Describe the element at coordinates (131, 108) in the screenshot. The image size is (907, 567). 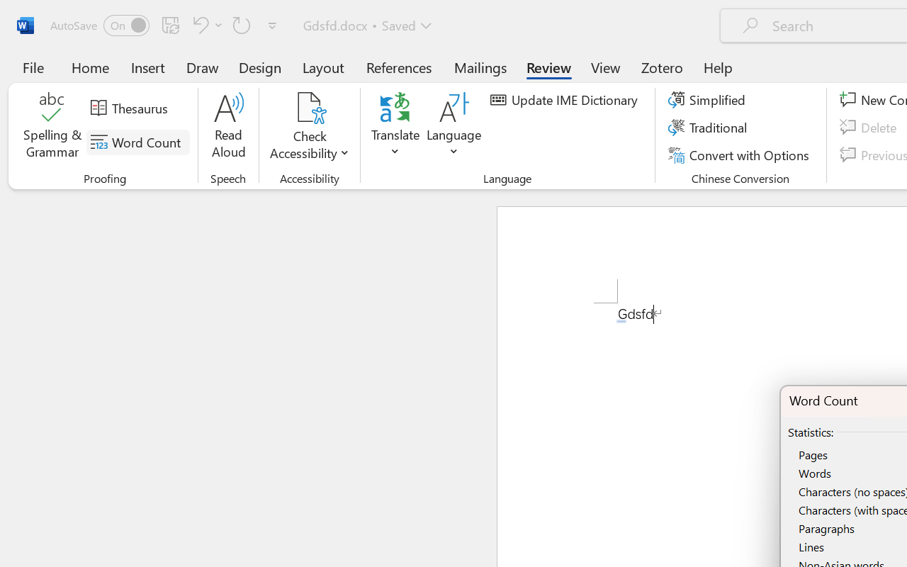
I see `'Thesaurus...'` at that location.